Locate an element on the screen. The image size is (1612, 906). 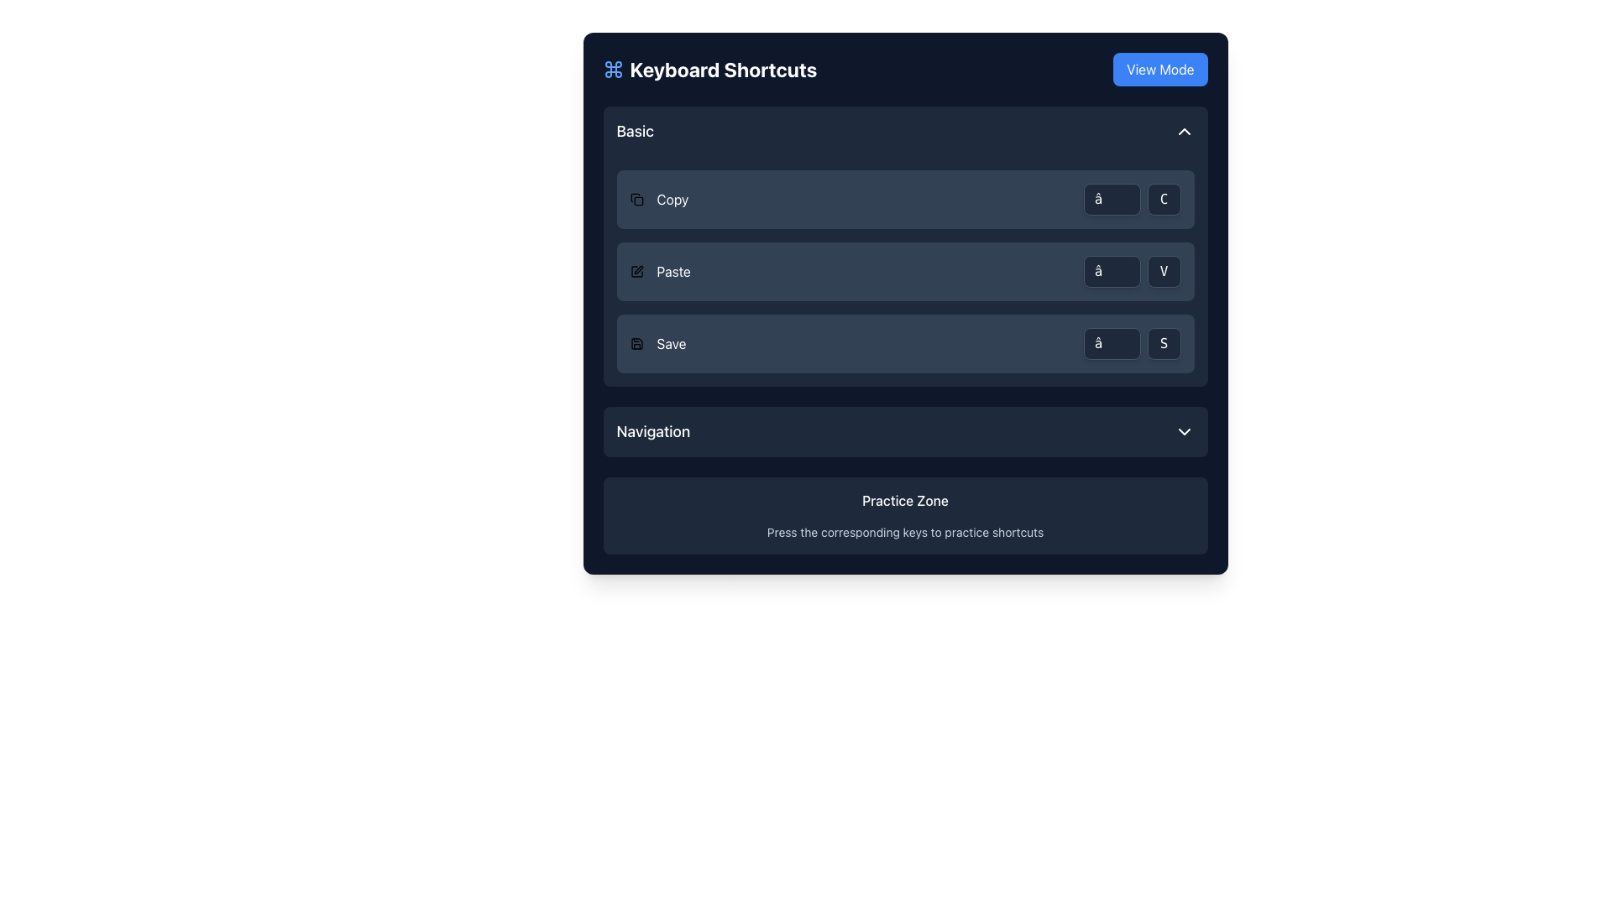
the 'Practice Zone' section header text label, which indicates the start of that section is located at coordinates (904, 500).